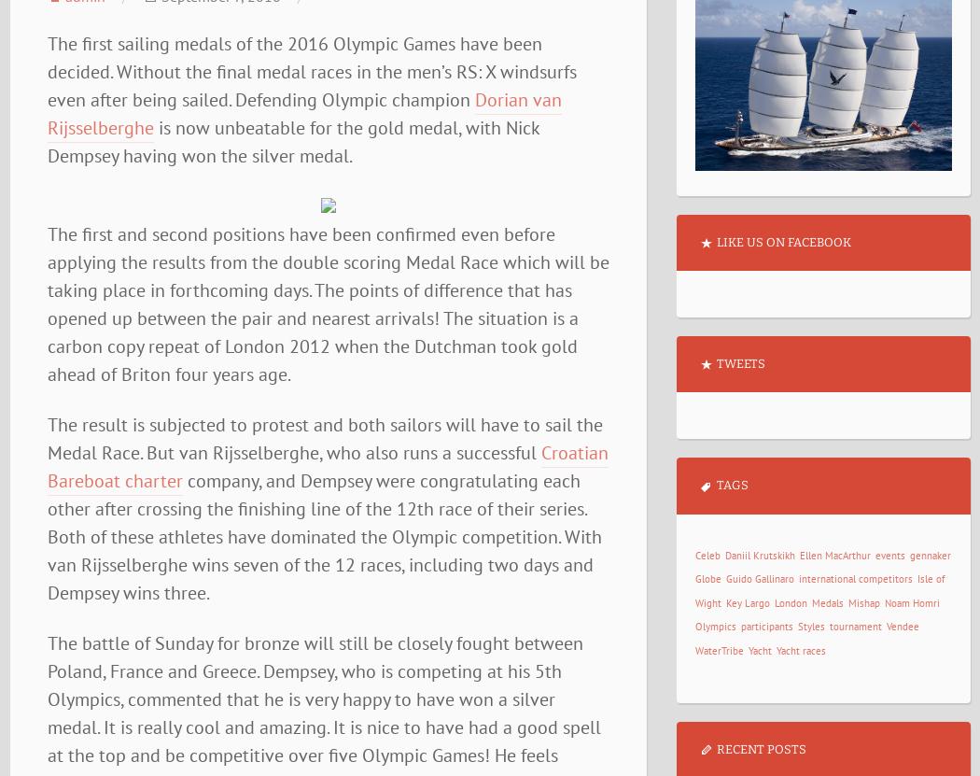 Image resolution: width=980 pixels, height=776 pixels. I want to click on 'London', so click(790, 601).